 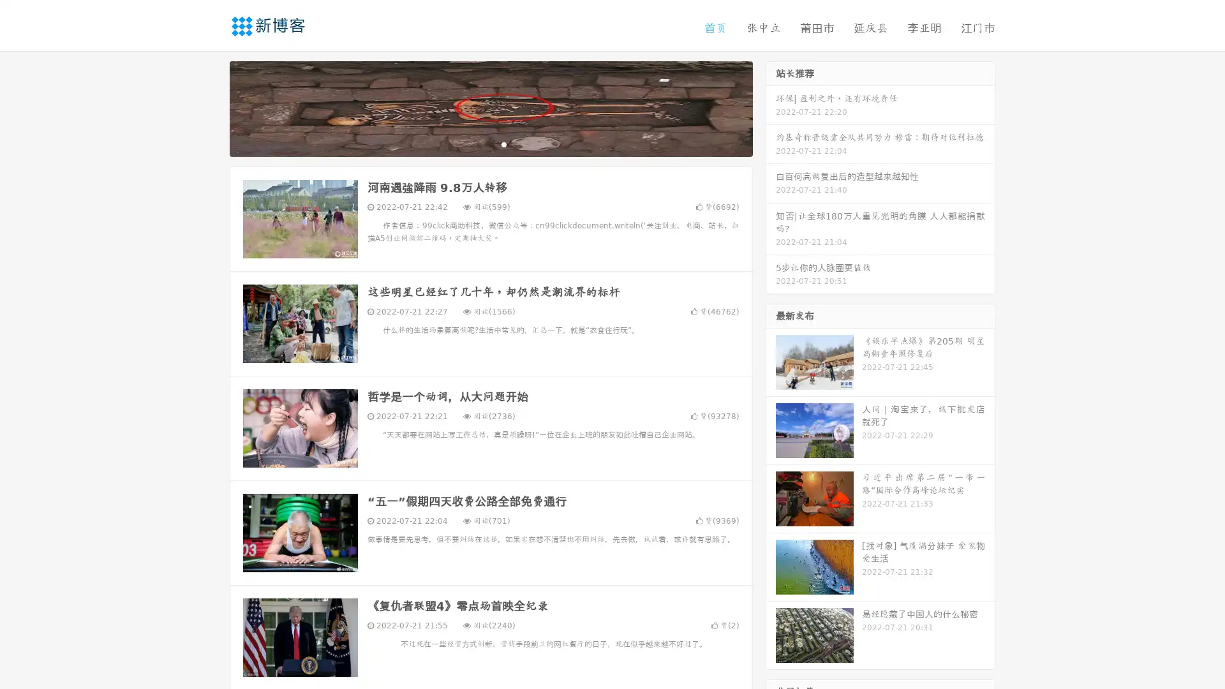 What do you see at coordinates (503, 144) in the screenshot?
I see `Go to slide 3` at bounding box center [503, 144].